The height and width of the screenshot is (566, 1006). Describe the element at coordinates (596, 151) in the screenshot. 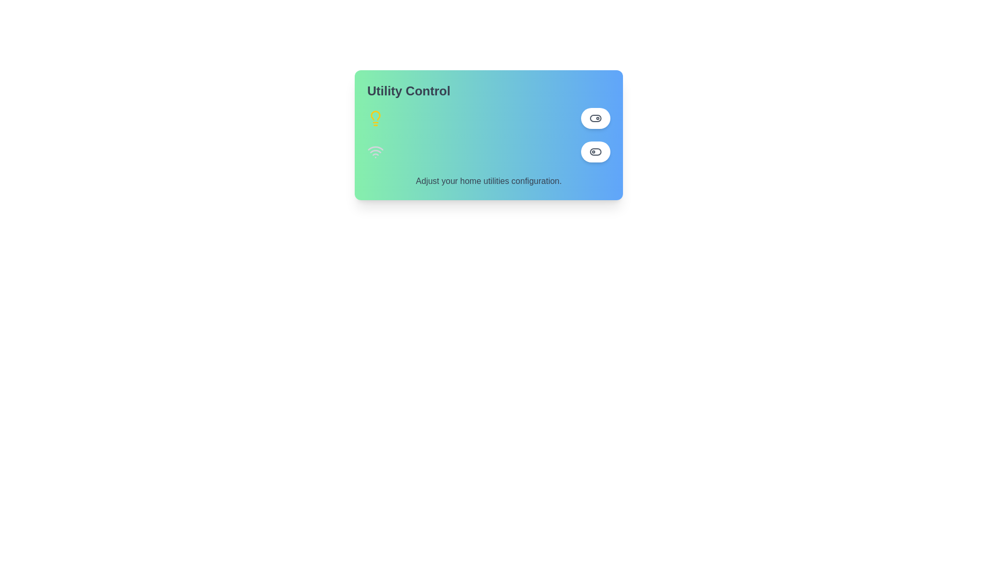

I see `the toggle switch, which has a classic design with a rectangular base and a circular handle indicating an 'off' state` at that location.